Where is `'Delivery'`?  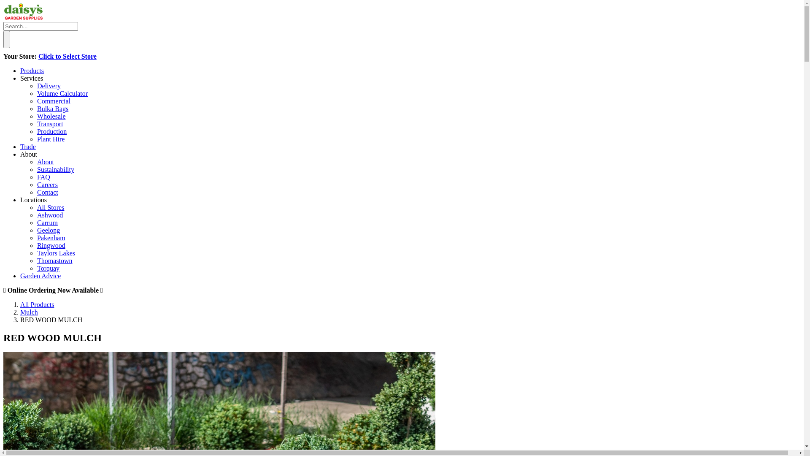
'Delivery' is located at coordinates (36, 86).